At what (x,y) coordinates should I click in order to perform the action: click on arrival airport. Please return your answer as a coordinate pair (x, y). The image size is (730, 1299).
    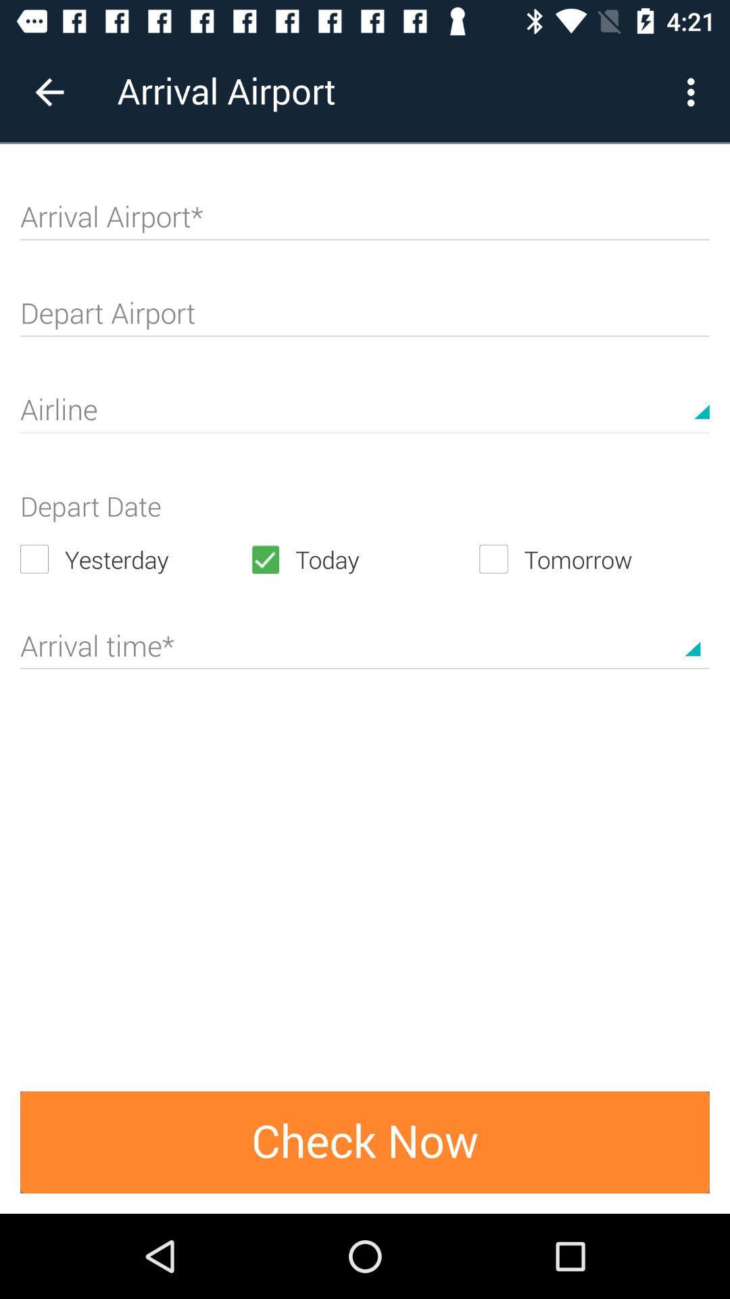
    Looking at the image, I should click on (365, 223).